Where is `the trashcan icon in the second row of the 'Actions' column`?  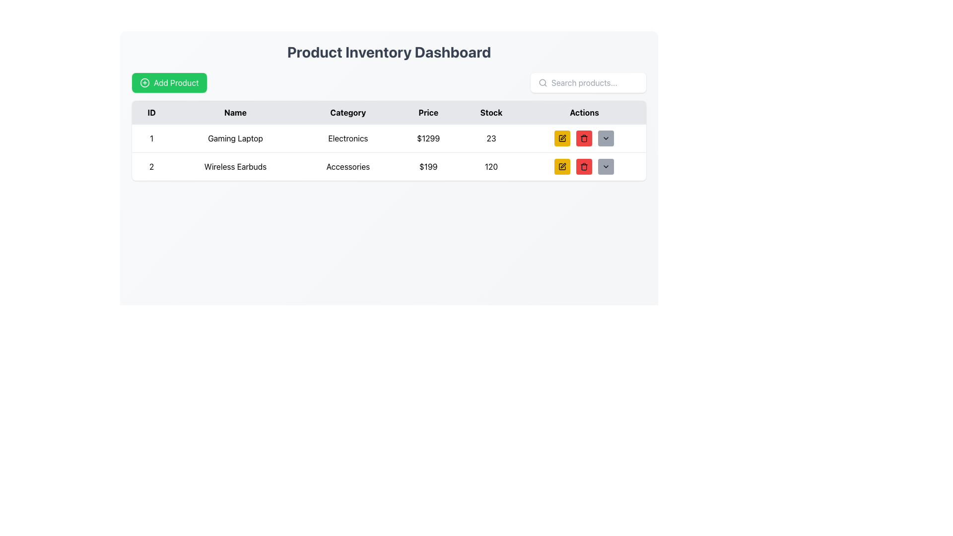 the trashcan icon in the second row of the 'Actions' column is located at coordinates (584, 138).